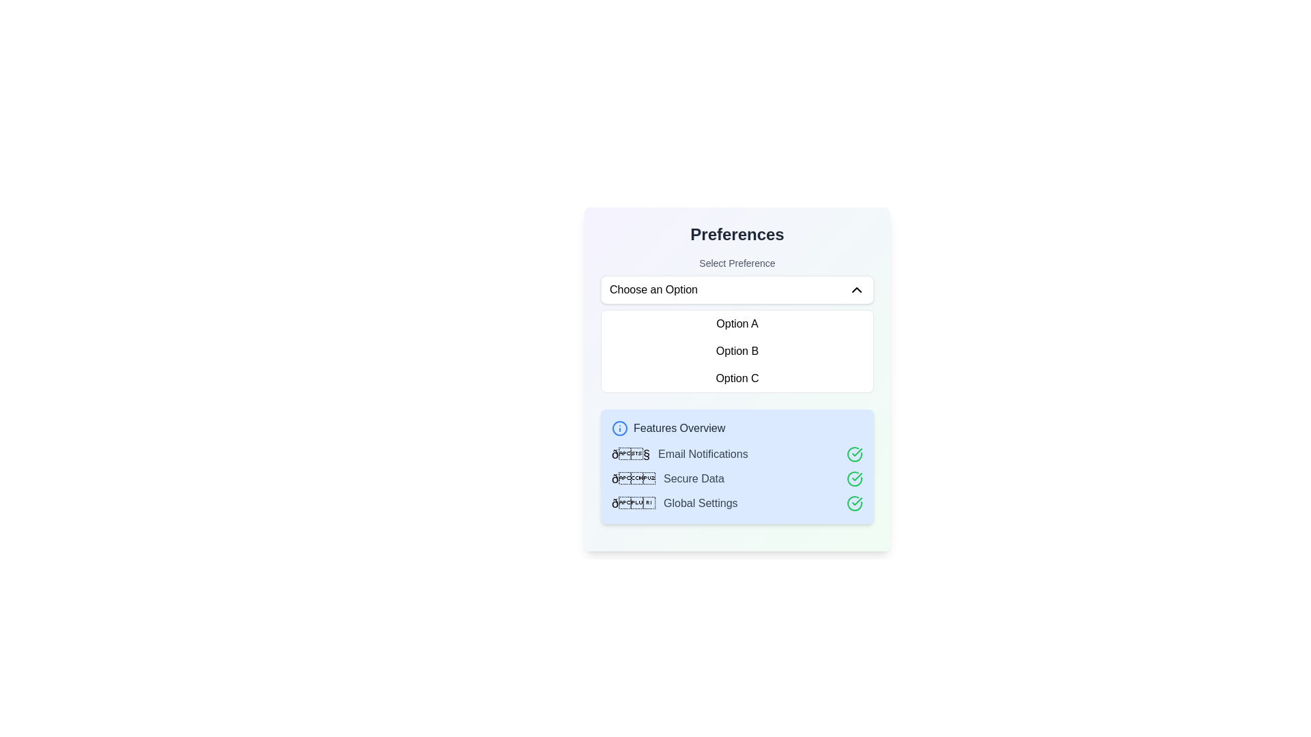 The width and height of the screenshot is (1311, 737). What do you see at coordinates (701, 503) in the screenshot?
I see `the 'Global Settings' text label located centrally in the bottom row of the 'Features Overview' section, positioned between a globe icon and a green checkmark icon` at bounding box center [701, 503].